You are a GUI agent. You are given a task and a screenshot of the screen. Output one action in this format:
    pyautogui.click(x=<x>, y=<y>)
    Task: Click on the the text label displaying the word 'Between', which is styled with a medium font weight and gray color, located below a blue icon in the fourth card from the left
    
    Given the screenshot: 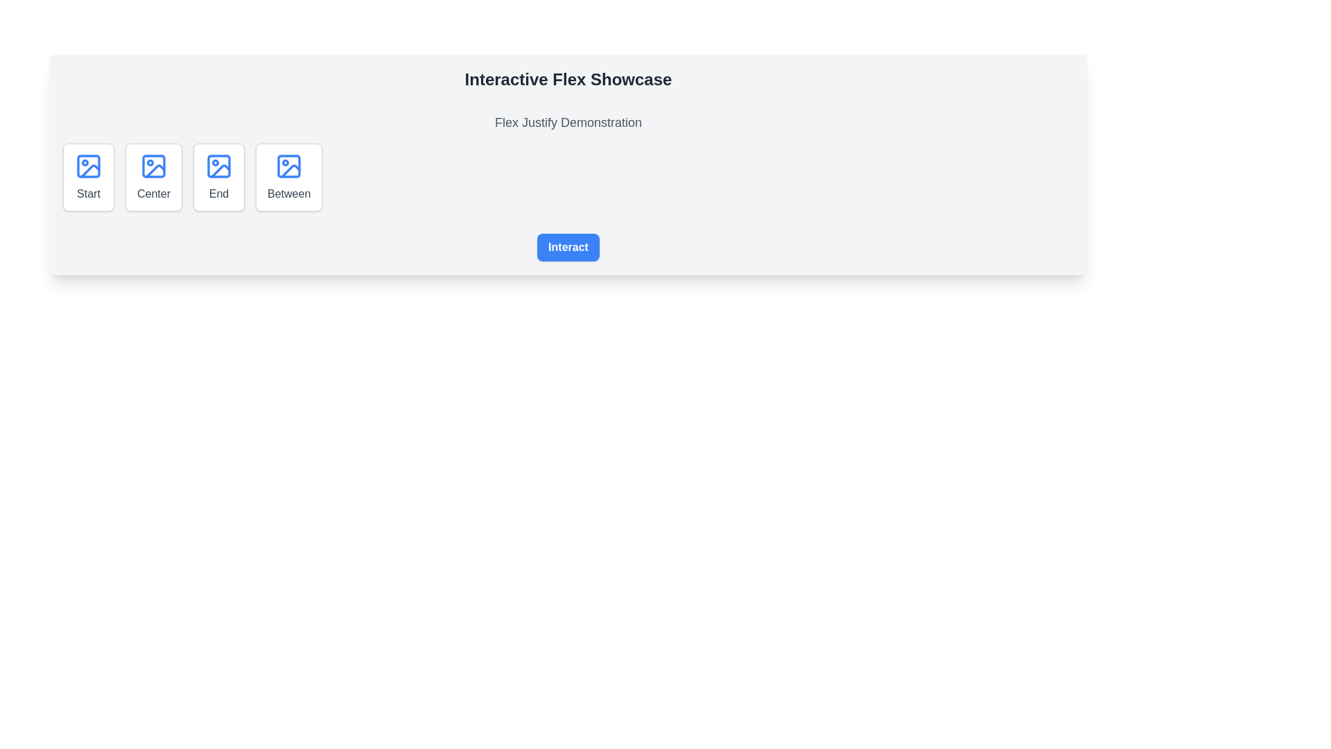 What is the action you would take?
    pyautogui.click(x=288, y=194)
    